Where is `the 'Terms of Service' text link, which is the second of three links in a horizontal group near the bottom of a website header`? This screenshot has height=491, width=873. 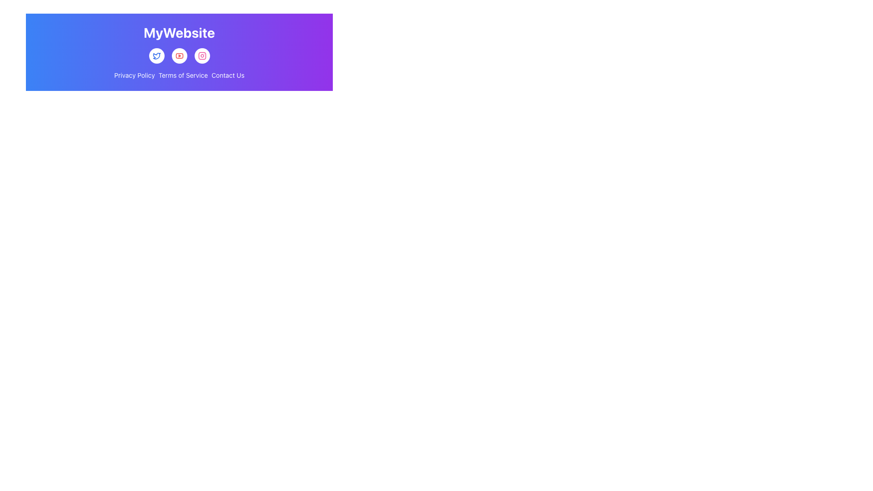 the 'Terms of Service' text link, which is the second of three links in a horizontal group near the bottom of a website header is located at coordinates (183, 75).